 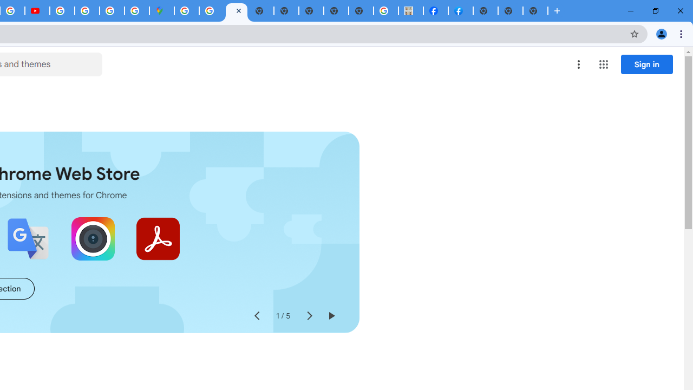 What do you see at coordinates (93, 238) in the screenshot?
I see `'Awesome Screen Recorder & Screenshot'` at bounding box center [93, 238].